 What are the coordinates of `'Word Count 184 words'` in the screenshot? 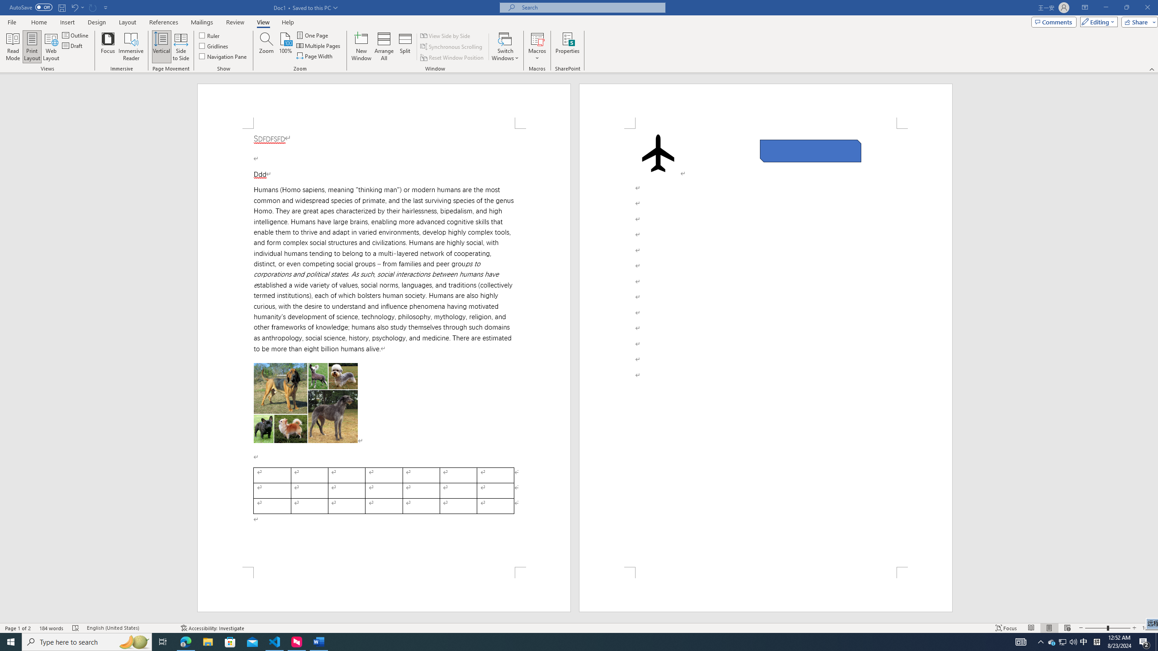 It's located at (51, 628).